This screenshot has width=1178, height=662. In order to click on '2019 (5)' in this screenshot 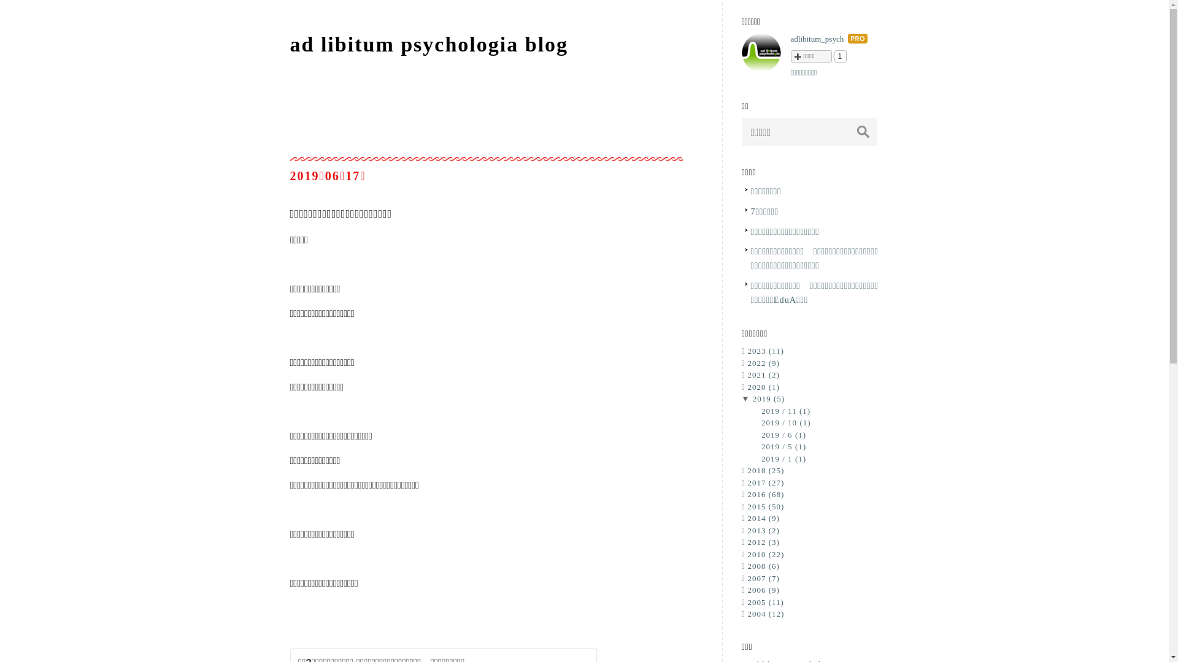, I will do `click(768, 398)`.